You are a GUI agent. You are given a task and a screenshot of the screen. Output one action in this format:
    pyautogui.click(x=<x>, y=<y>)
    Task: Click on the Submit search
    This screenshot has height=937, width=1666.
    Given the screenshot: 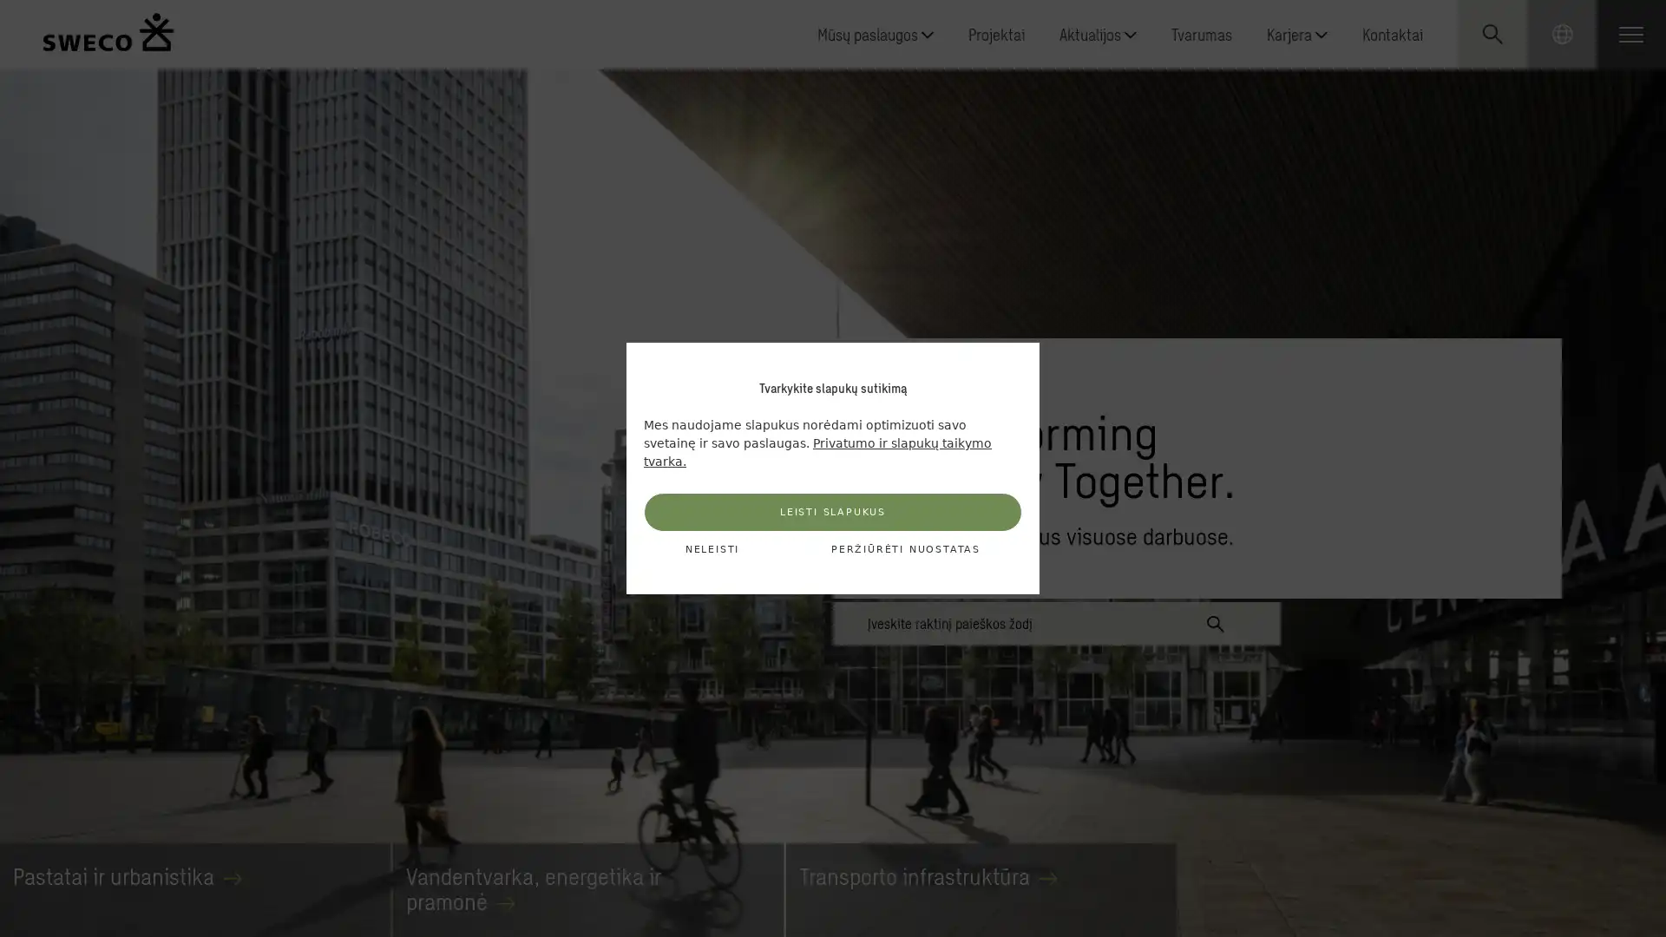 What is the action you would take?
    pyautogui.click(x=1525, y=191)
    